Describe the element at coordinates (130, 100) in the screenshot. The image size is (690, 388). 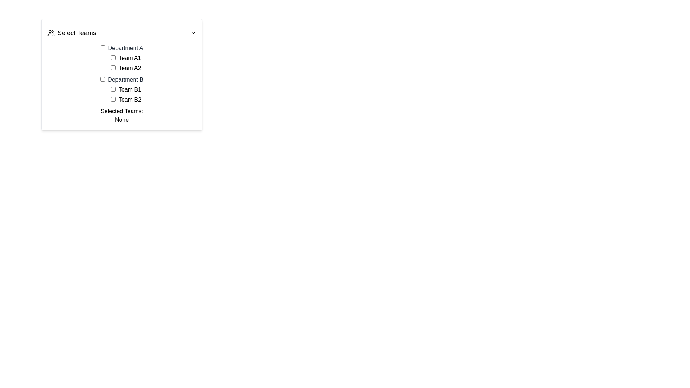
I see `the Text Label associated with the checkbox under 'Department B', which is the second item after 'Team B1'` at that location.